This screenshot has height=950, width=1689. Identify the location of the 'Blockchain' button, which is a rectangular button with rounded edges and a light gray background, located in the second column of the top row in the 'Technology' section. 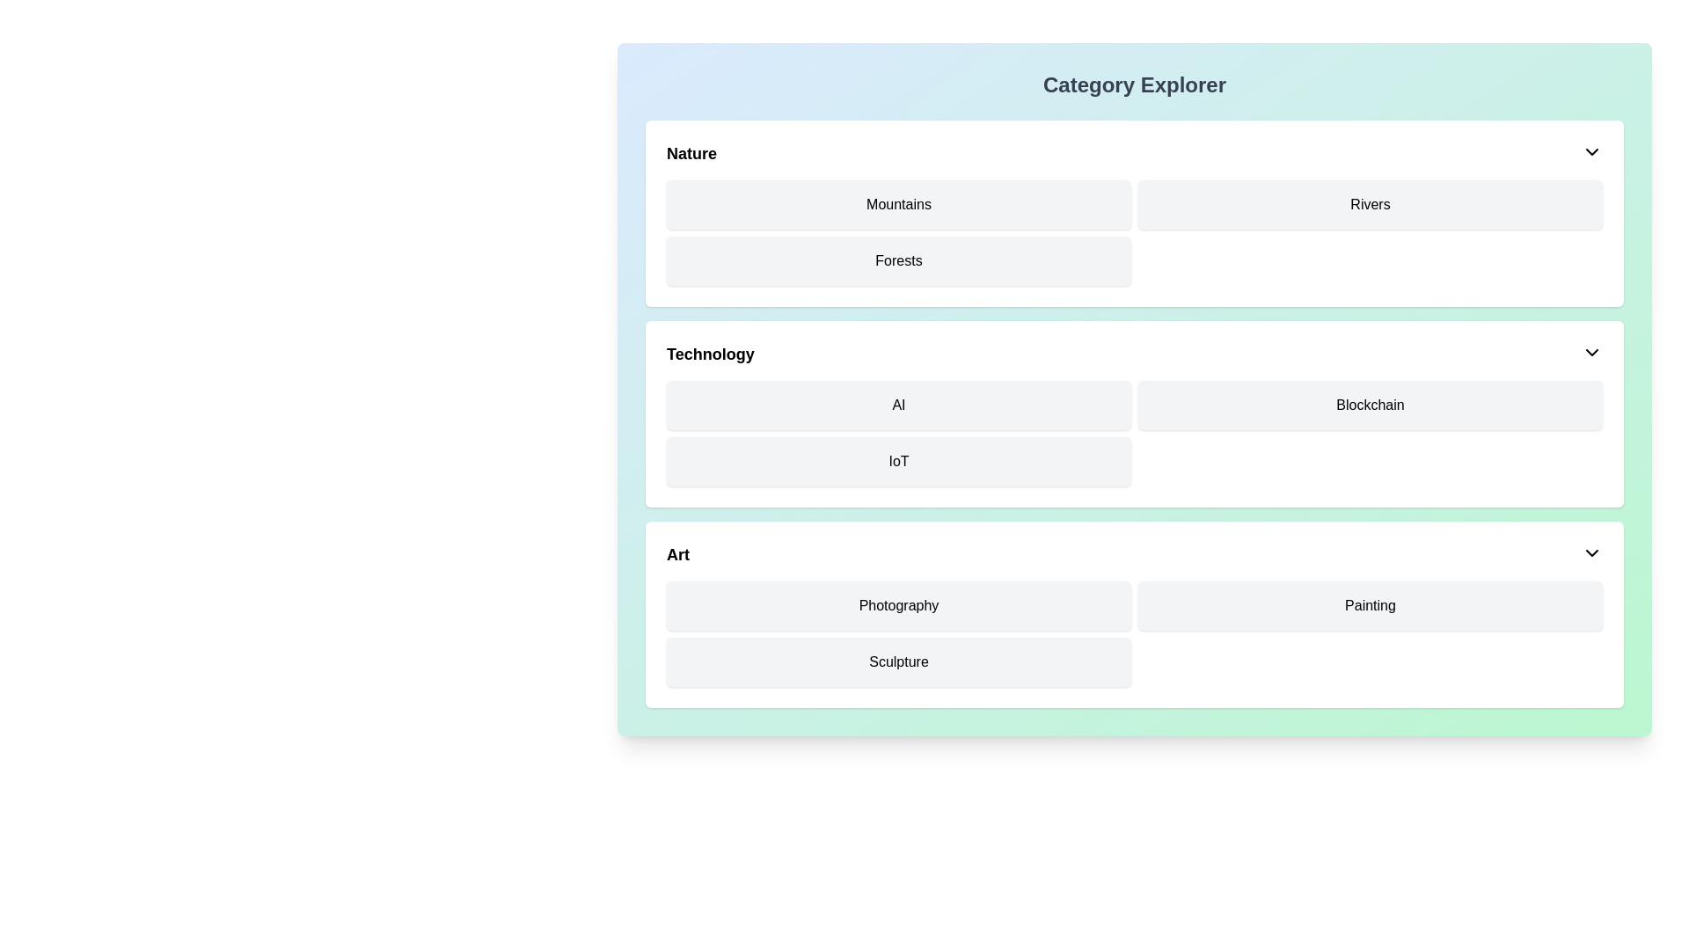
(1370, 406).